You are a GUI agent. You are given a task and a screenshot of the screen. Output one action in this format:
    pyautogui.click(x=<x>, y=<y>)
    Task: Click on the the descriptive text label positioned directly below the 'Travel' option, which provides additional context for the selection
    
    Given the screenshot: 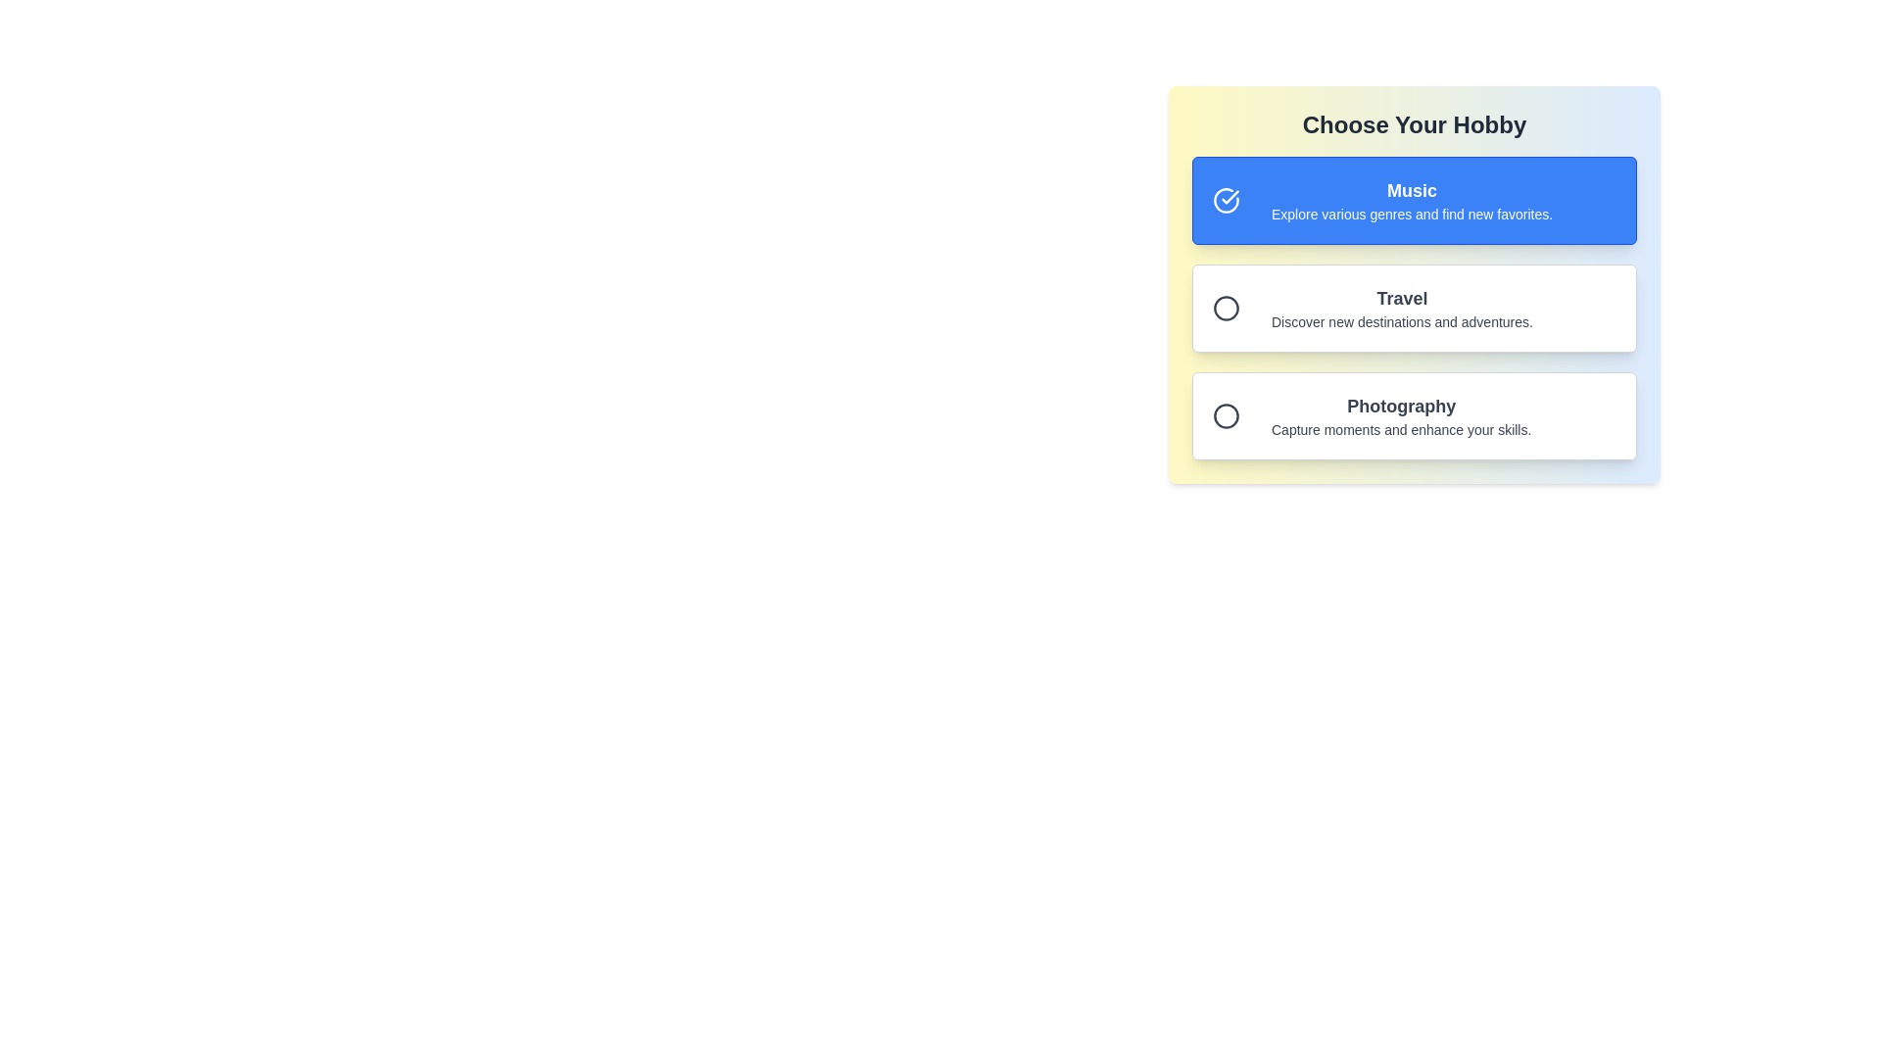 What is the action you would take?
    pyautogui.click(x=1401, y=320)
    